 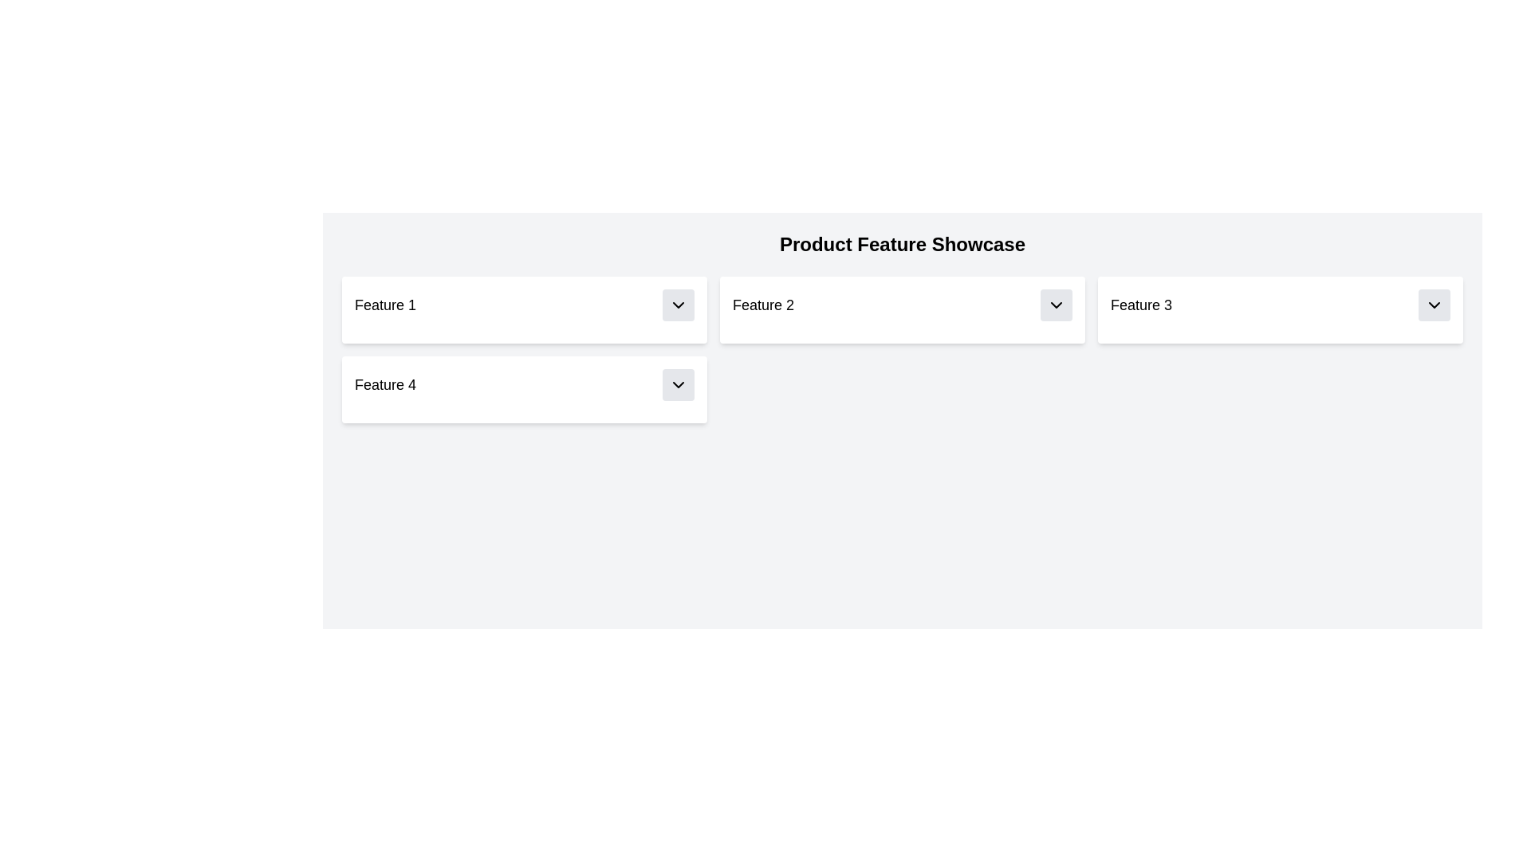 What do you see at coordinates (385, 305) in the screenshot?
I see `the text label 'Feature 1', which is bolded and aligned to the left in the top row of the layout` at bounding box center [385, 305].